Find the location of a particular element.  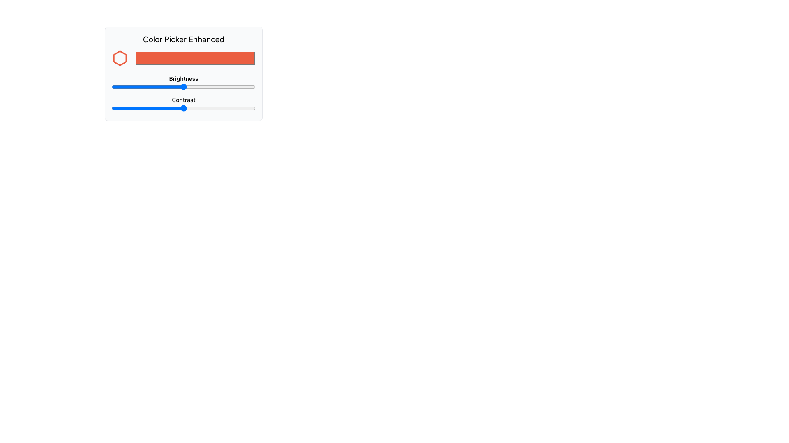

the contrast value is located at coordinates (177, 107).